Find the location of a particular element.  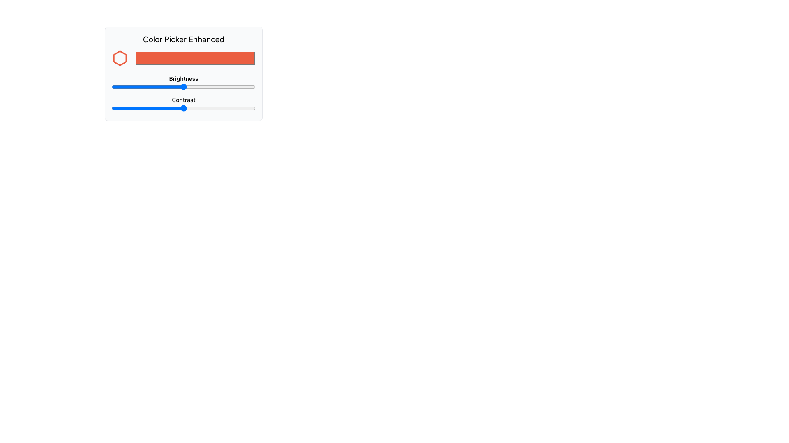

the contrast value is located at coordinates (177, 107).